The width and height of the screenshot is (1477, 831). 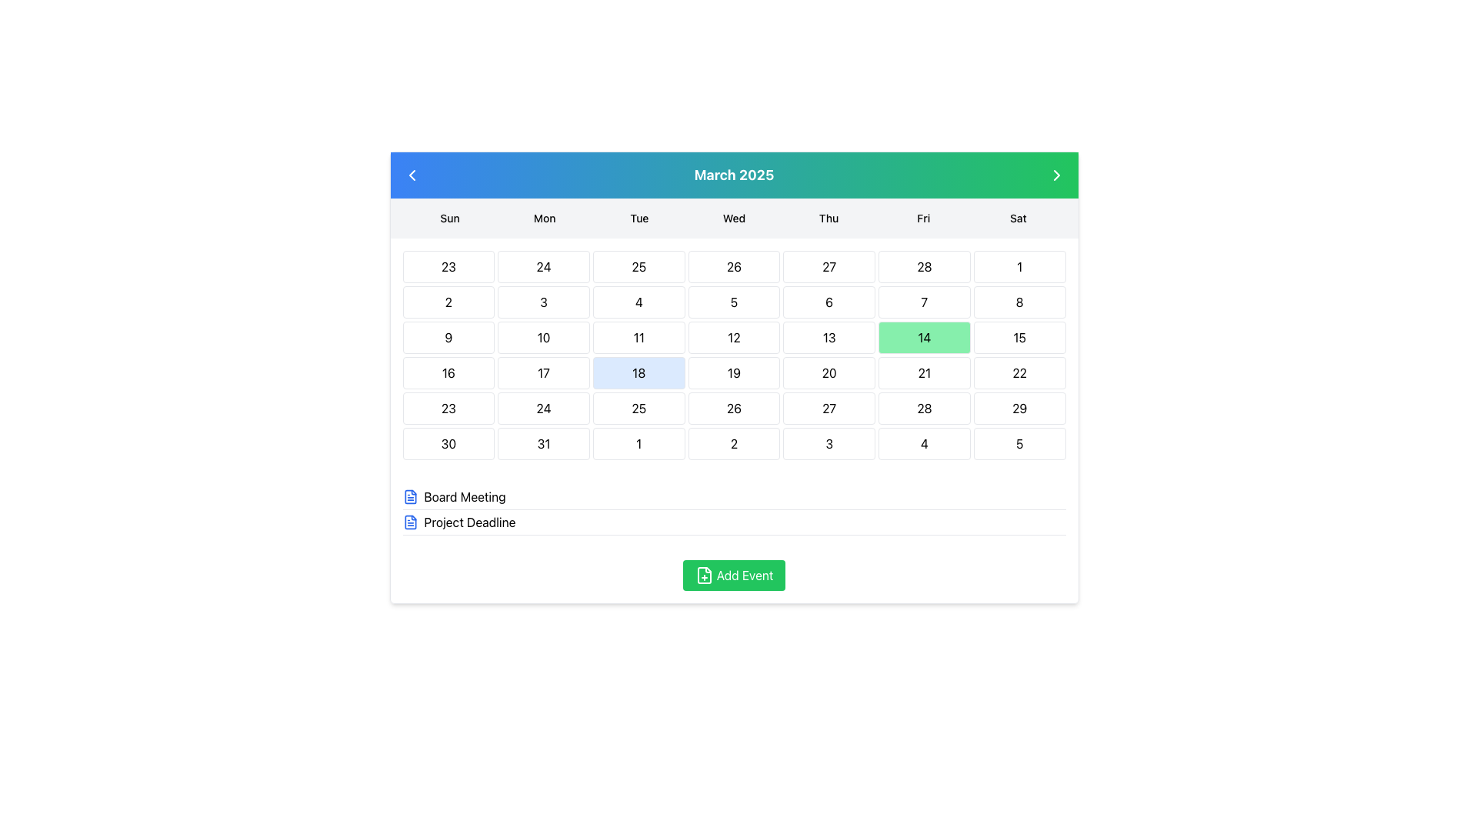 What do you see at coordinates (829, 266) in the screenshot?
I see `the button labeled '27' in the first row and fourth column of the calendar interface` at bounding box center [829, 266].